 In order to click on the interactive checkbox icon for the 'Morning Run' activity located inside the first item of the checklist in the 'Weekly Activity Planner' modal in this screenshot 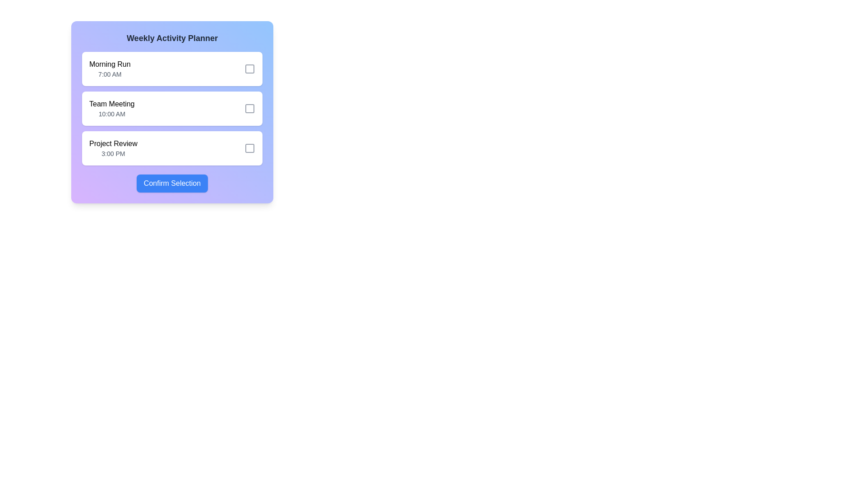, I will do `click(249, 69)`.